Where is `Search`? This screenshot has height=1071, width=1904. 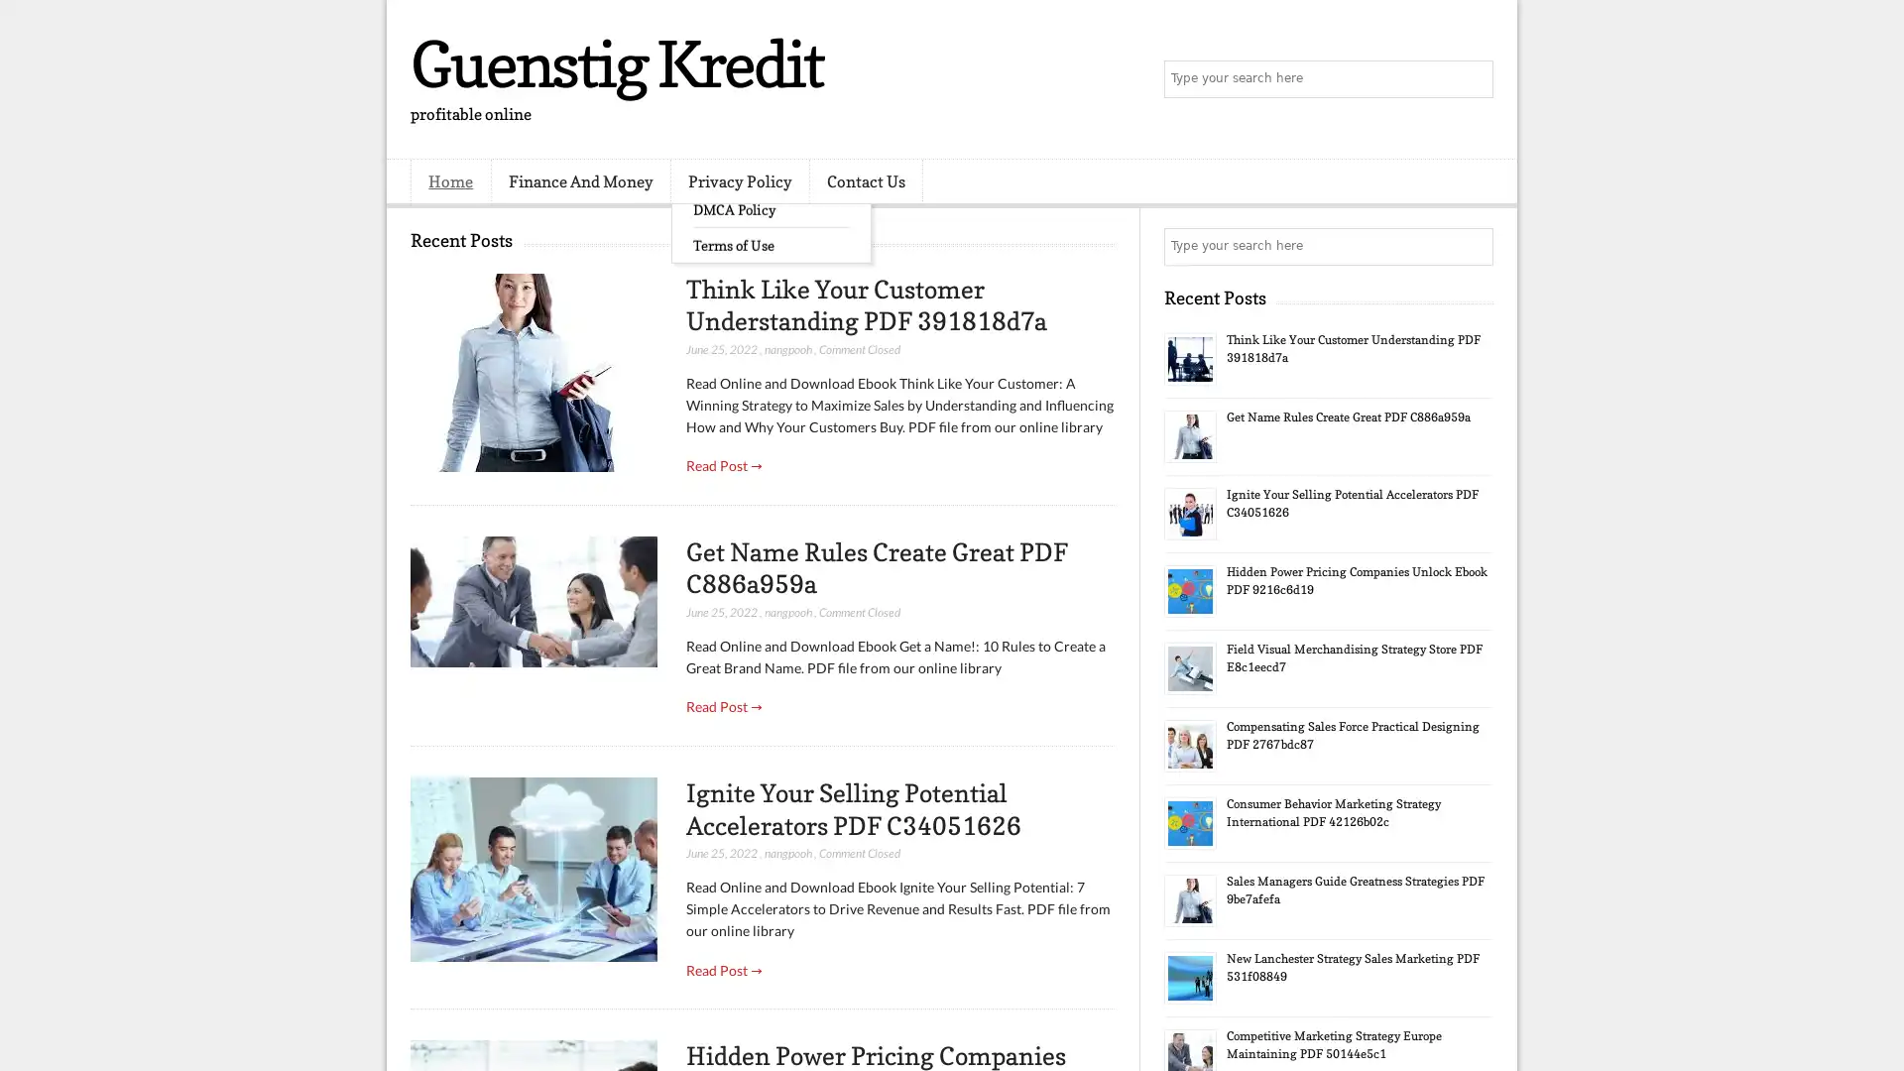
Search is located at coordinates (1473, 246).